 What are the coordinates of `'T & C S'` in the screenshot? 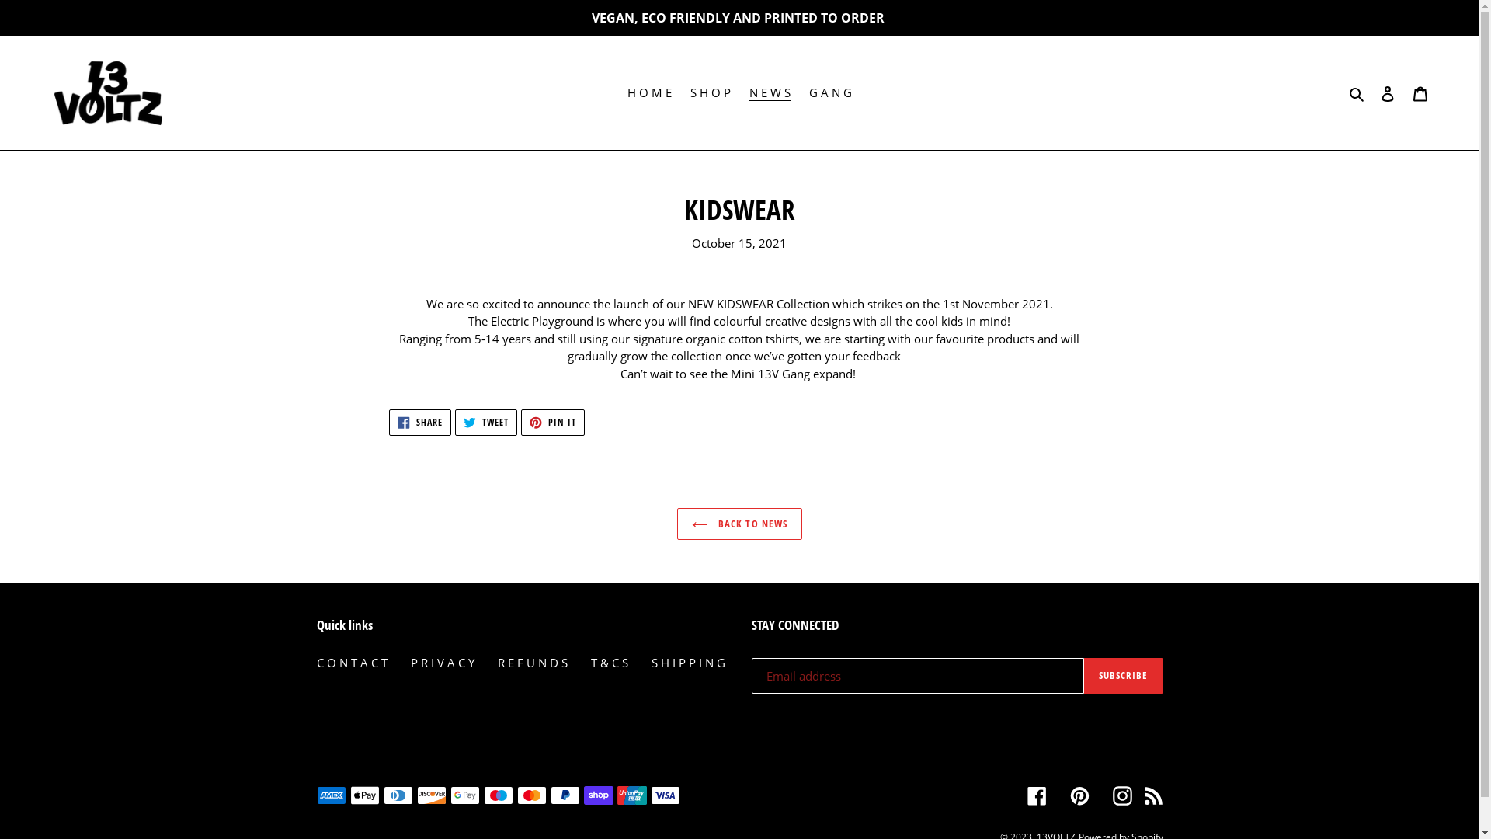 It's located at (607, 662).